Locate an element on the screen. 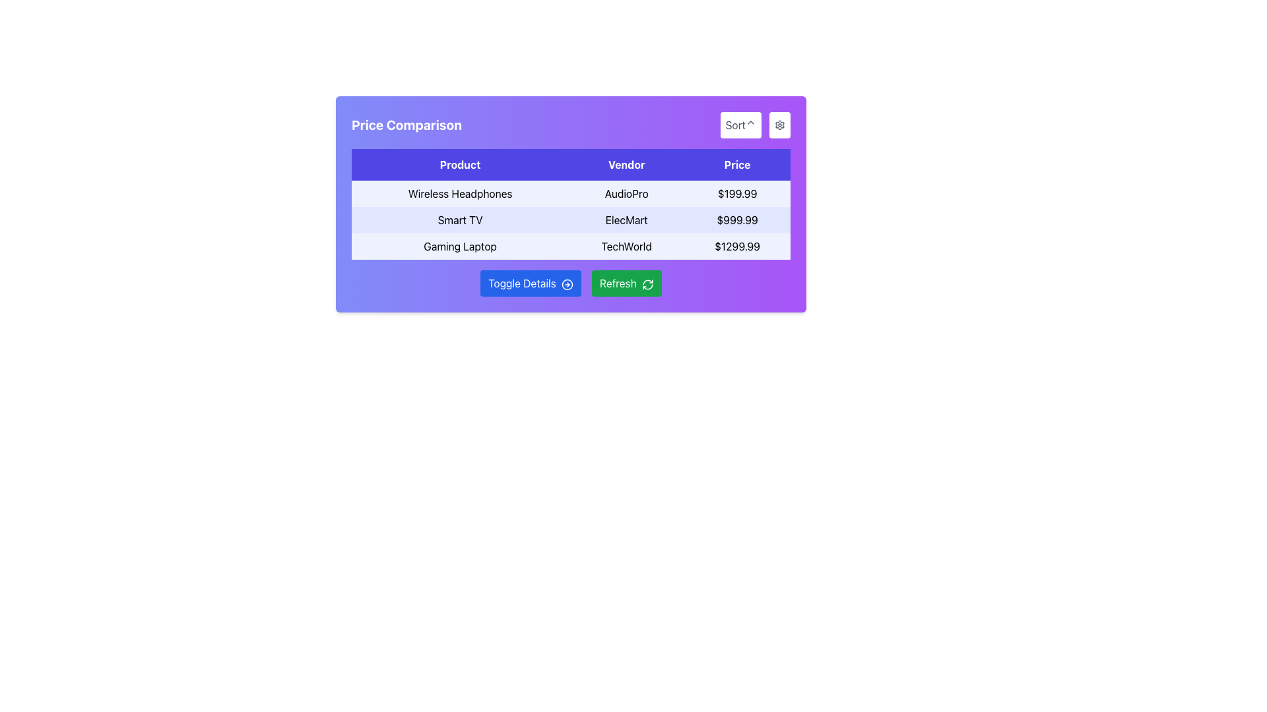 This screenshot has height=712, width=1267. the gear icon resembling a settings button located at the top right corner of the interface is located at coordinates (779, 125).